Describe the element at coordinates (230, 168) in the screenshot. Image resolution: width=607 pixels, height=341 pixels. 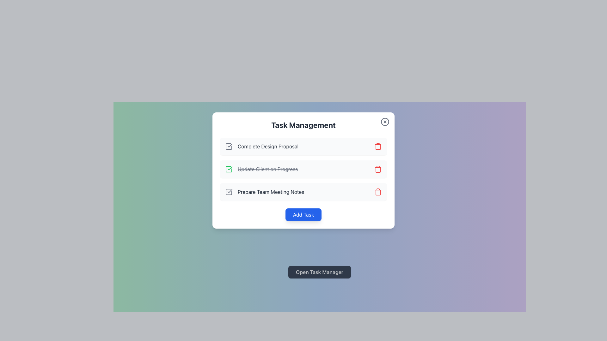
I see `the check icon indicating the completion status of the task titled 'Update Client on Progress' located in the second row of the task list` at that location.